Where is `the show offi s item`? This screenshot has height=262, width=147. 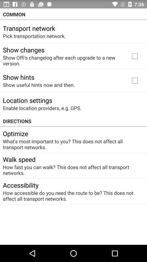
the show offi s item is located at coordinates (63, 60).